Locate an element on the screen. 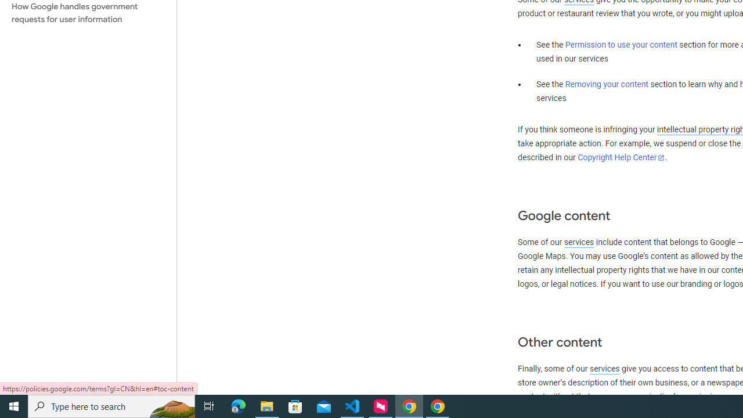  'Permission to use your content' is located at coordinates (621, 45).